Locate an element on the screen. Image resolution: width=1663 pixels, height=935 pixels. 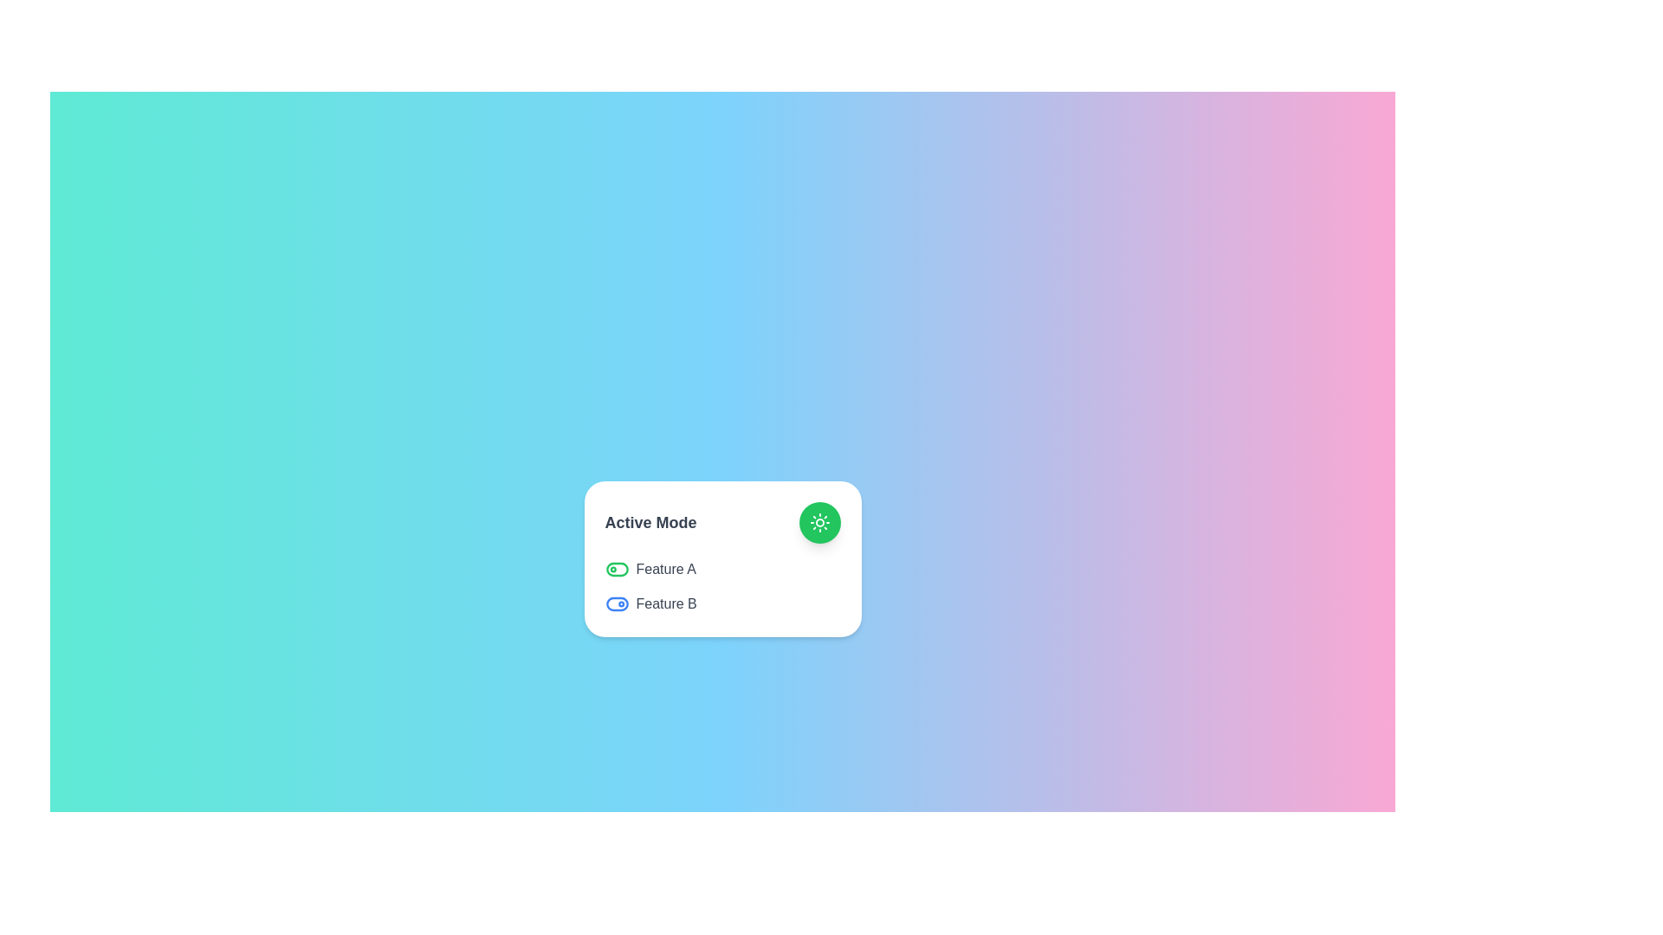
the toggle switch button for 'Active Mode' to change its state is located at coordinates (722, 522).